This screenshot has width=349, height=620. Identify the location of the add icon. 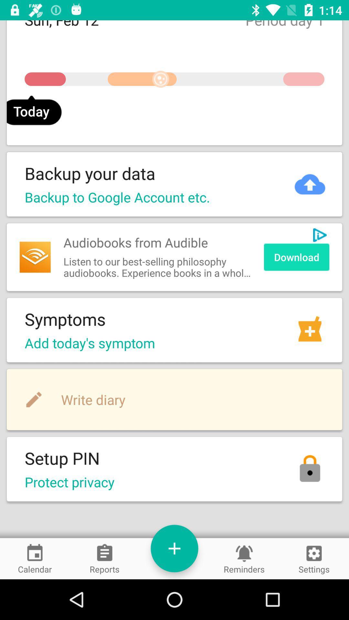
(174, 548).